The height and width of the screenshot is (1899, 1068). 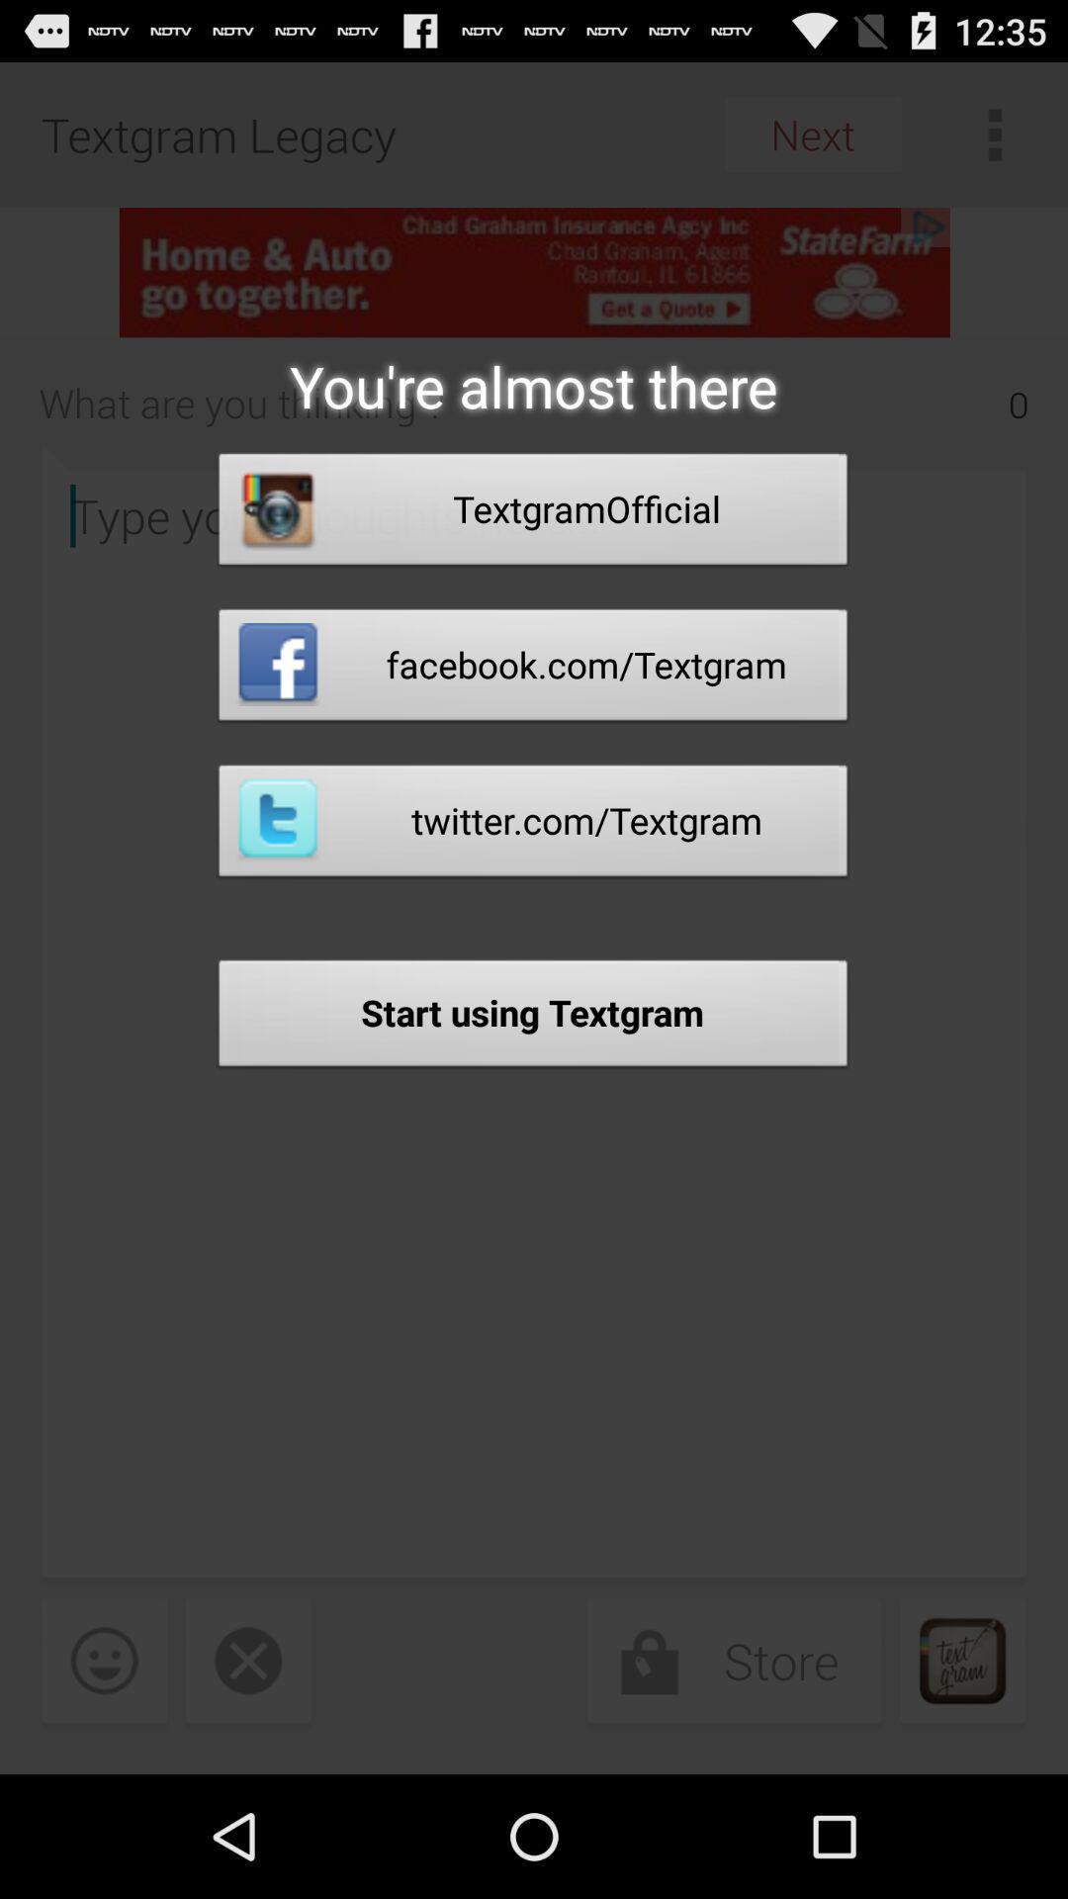 I want to click on item above facebook.com/textgram, so click(x=532, y=514).